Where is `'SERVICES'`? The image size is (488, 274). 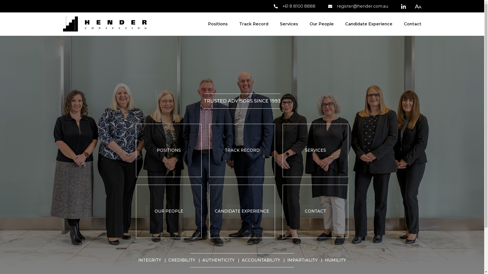 'SERVICES' is located at coordinates (315, 150).